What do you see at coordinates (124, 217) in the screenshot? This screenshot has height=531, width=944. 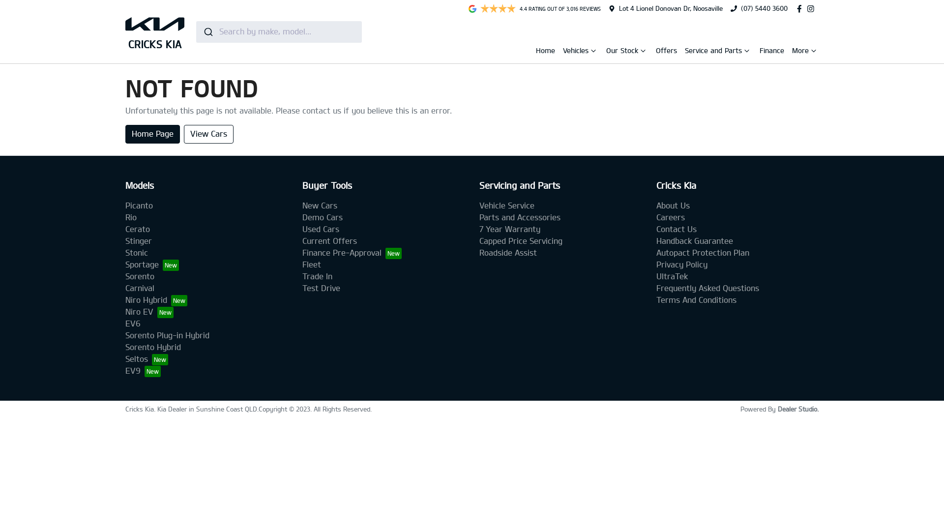 I see `'Rio'` at bounding box center [124, 217].